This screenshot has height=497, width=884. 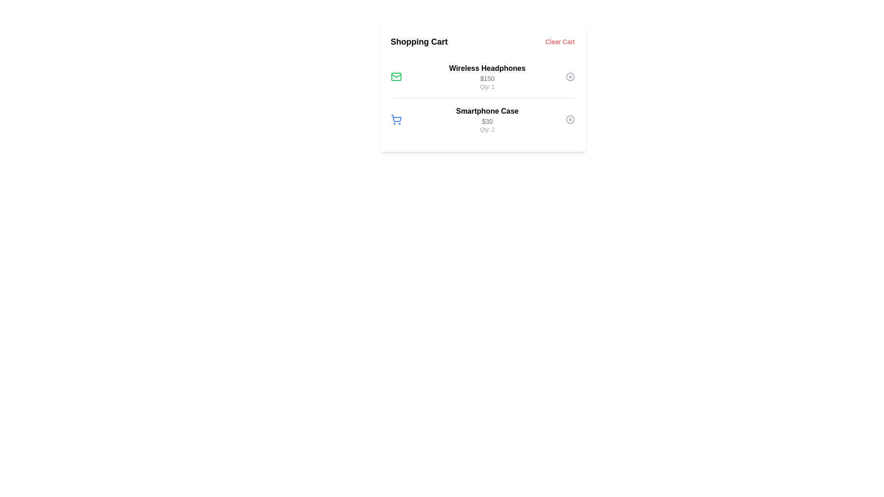 I want to click on the price on the product listing card in the shopping cart, so click(x=482, y=76).